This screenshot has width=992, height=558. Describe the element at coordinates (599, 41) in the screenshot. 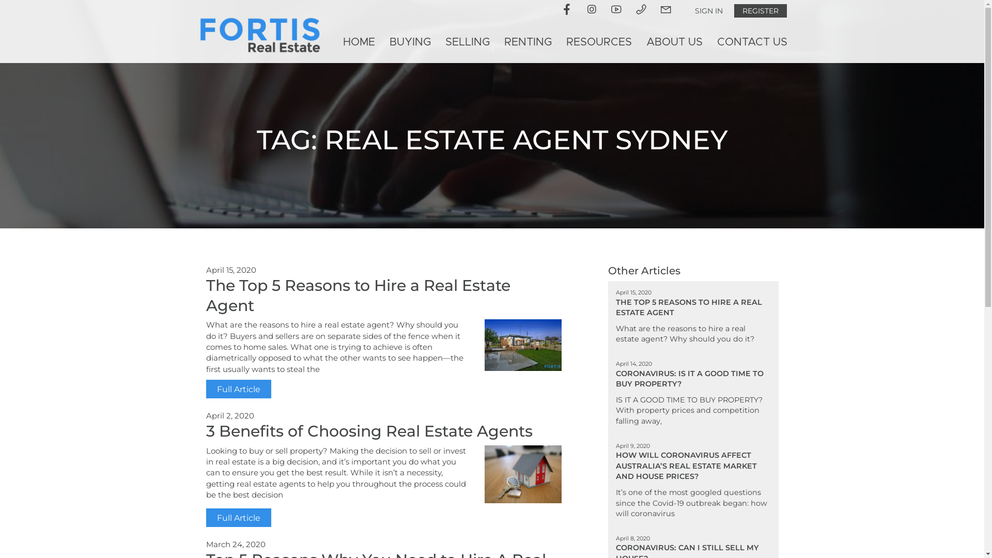

I see `'RESOURCES'` at that location.